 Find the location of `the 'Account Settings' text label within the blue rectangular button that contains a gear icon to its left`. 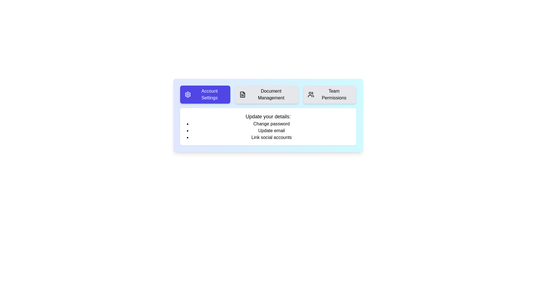

the 'Account Settings' text label within the blue rectangular button that contains a gear icon to its left is located at coordinates (209, 94).